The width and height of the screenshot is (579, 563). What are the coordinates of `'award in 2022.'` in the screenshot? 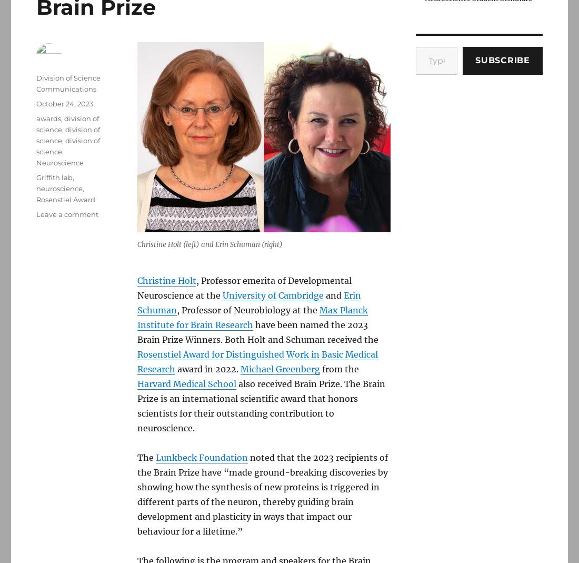 It's located at (174, 369).